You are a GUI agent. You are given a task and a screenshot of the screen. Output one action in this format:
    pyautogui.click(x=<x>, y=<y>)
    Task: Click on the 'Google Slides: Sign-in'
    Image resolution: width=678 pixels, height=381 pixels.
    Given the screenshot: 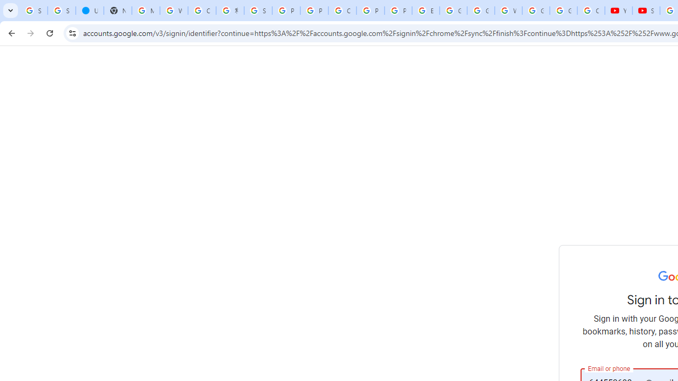 What is the action you would take?
    pyautogui.click(x=453, y=11)
    